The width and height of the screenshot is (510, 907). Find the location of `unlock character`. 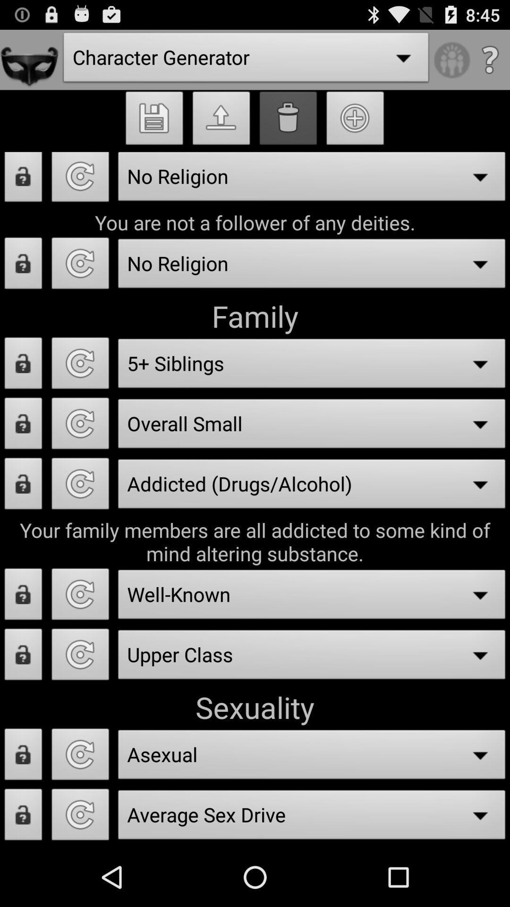

unlock character is located at coordinates (23, 265).